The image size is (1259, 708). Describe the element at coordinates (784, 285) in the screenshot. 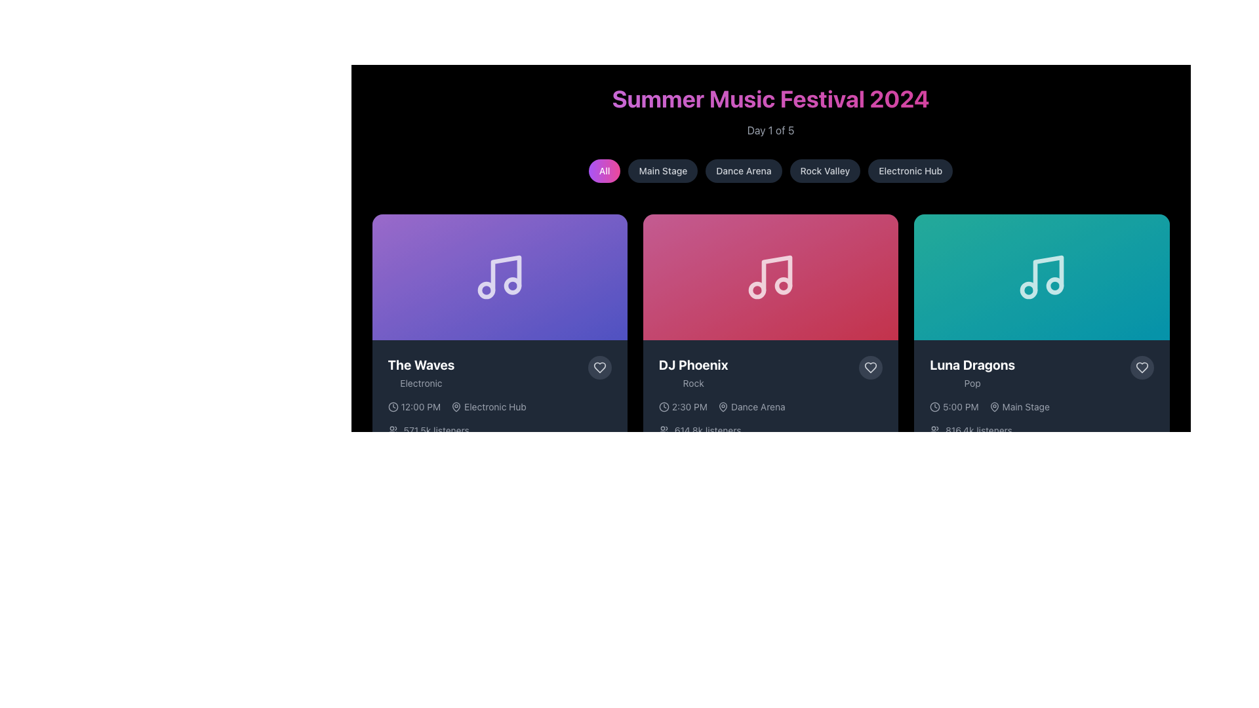

I see `the SVG circle element that is part of the music note icon under the 'Summer Music Festival 2024' title and above the 'DJ Phoenix' text` at that location.